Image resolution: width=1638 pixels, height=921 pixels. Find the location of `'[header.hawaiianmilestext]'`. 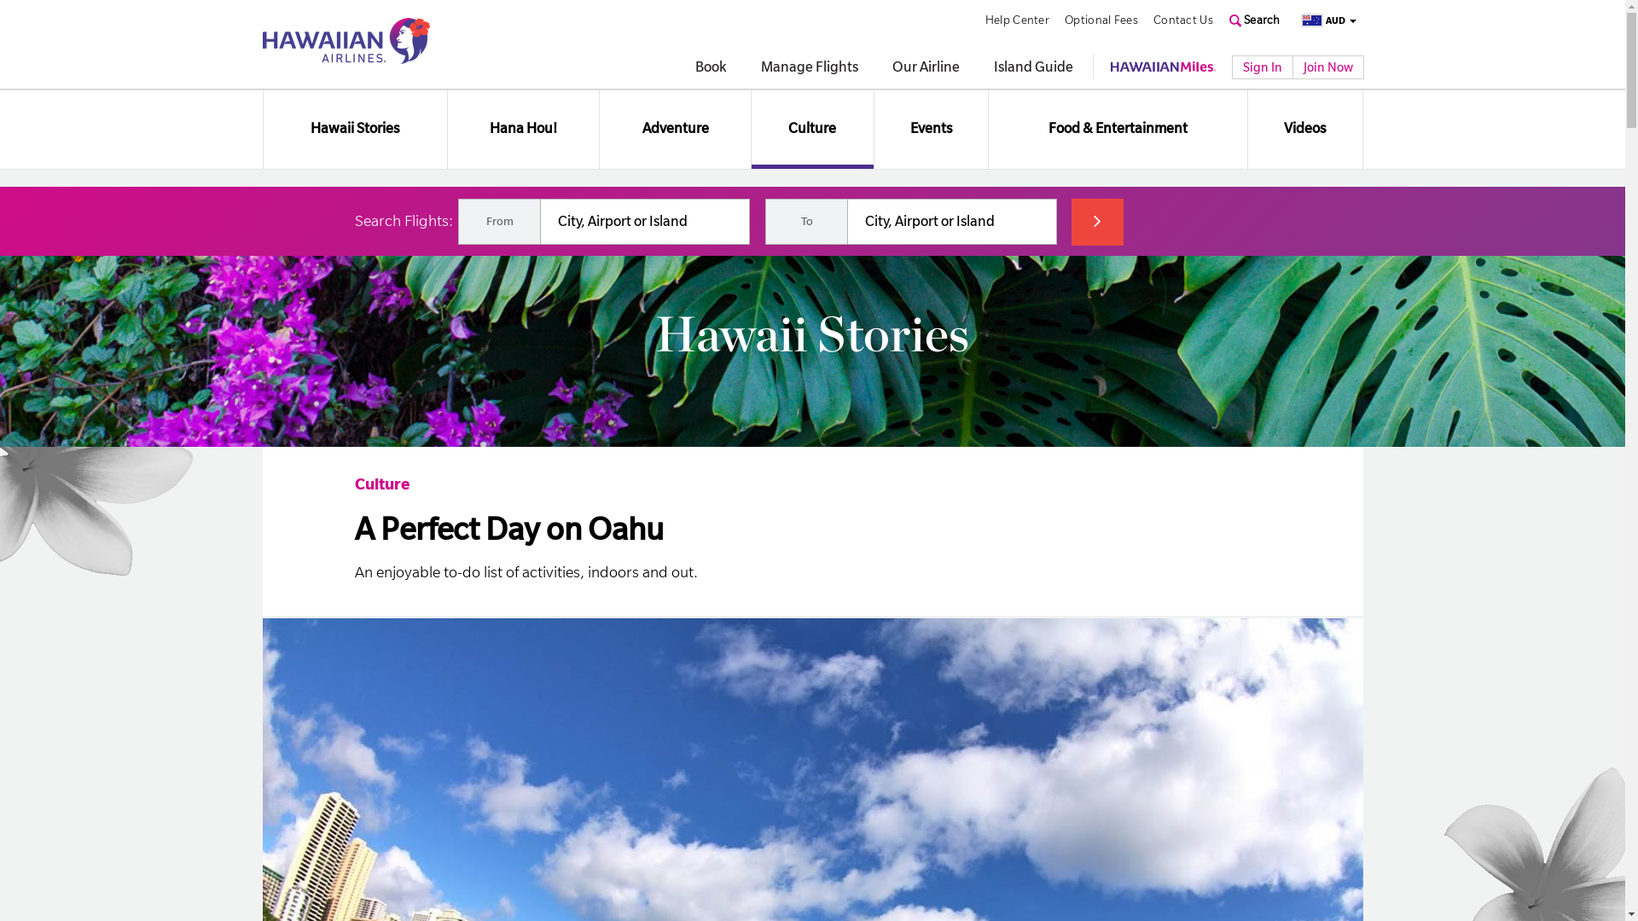

'[header.hawaiianmilestext]' is located at coordinates (1162, 65).